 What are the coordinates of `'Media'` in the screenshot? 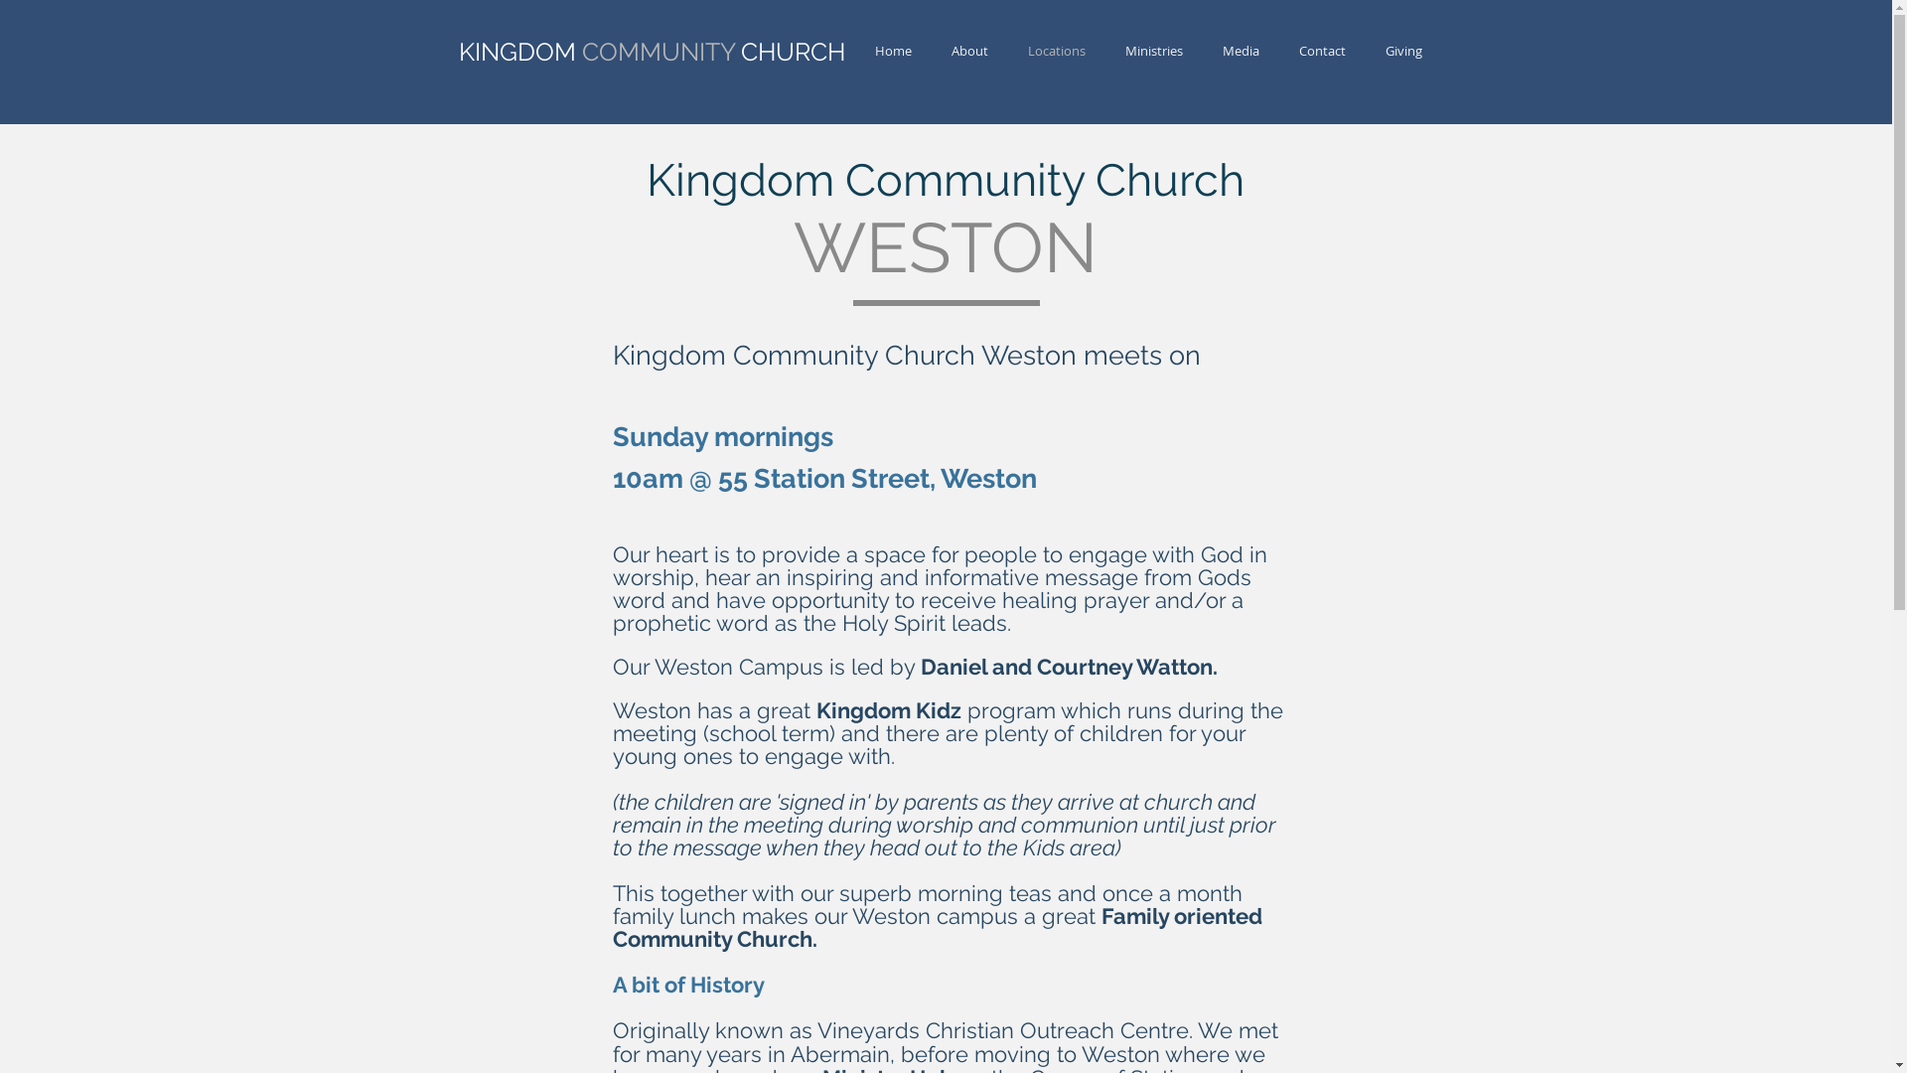 It's located at (1239, 50).